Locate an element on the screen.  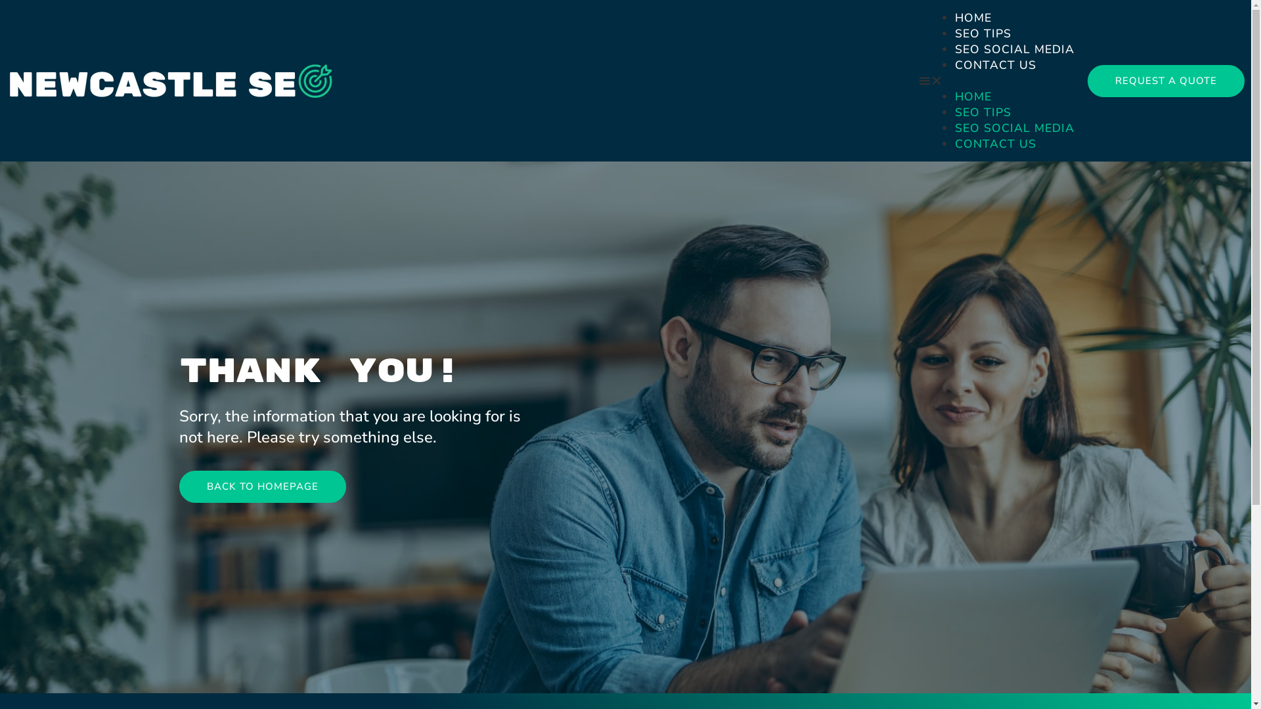
'CONTACT US' is located at coordinates (996, 144).